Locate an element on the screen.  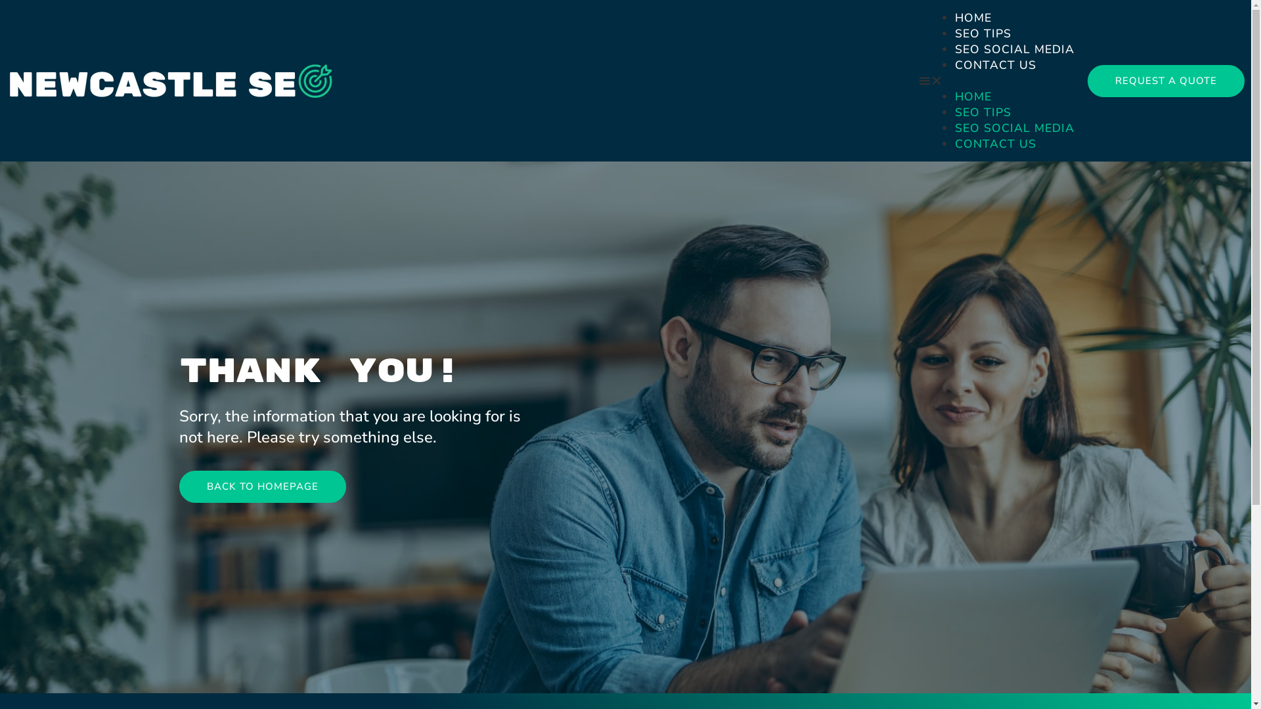
'CONTACT US' is located at coordinates (996, 144).